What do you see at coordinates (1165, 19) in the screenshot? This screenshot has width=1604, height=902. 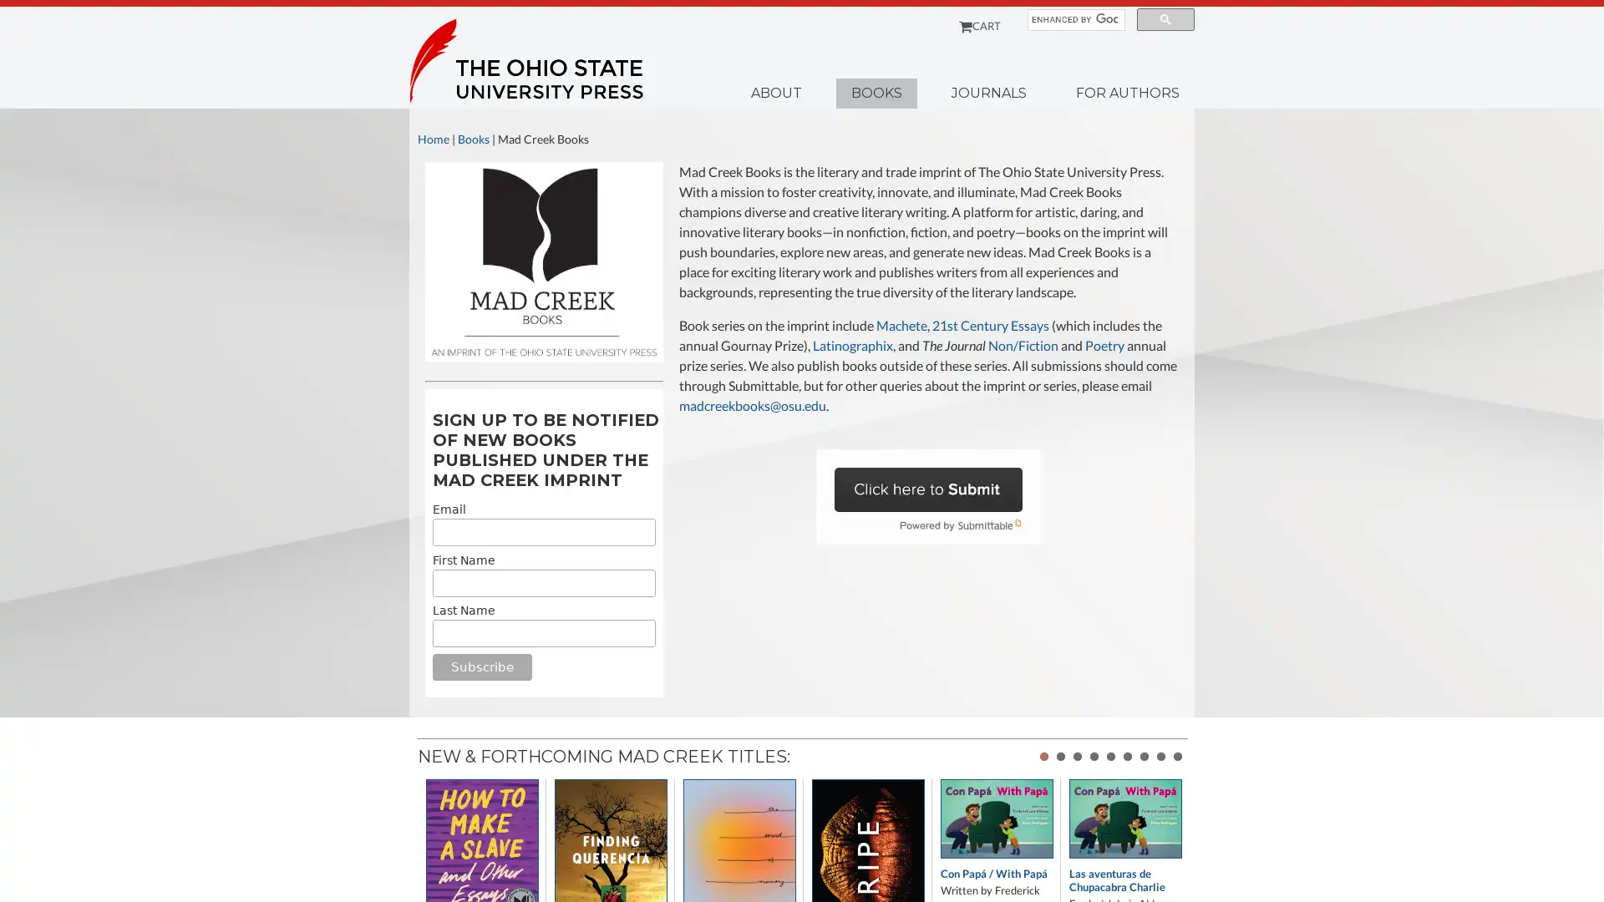 I see `search` at bounding box center [1165, 19].